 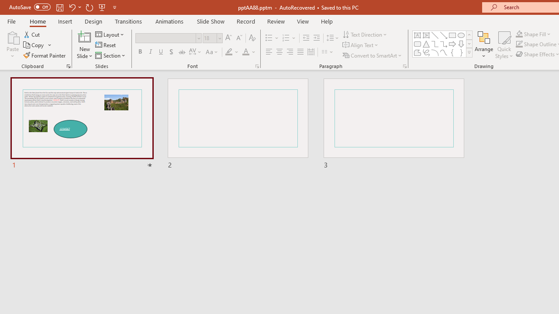 What do you see at coordinates (461, 52) in the screenshot?
I see `'Right Brace'` at bounding box center [461, 52].